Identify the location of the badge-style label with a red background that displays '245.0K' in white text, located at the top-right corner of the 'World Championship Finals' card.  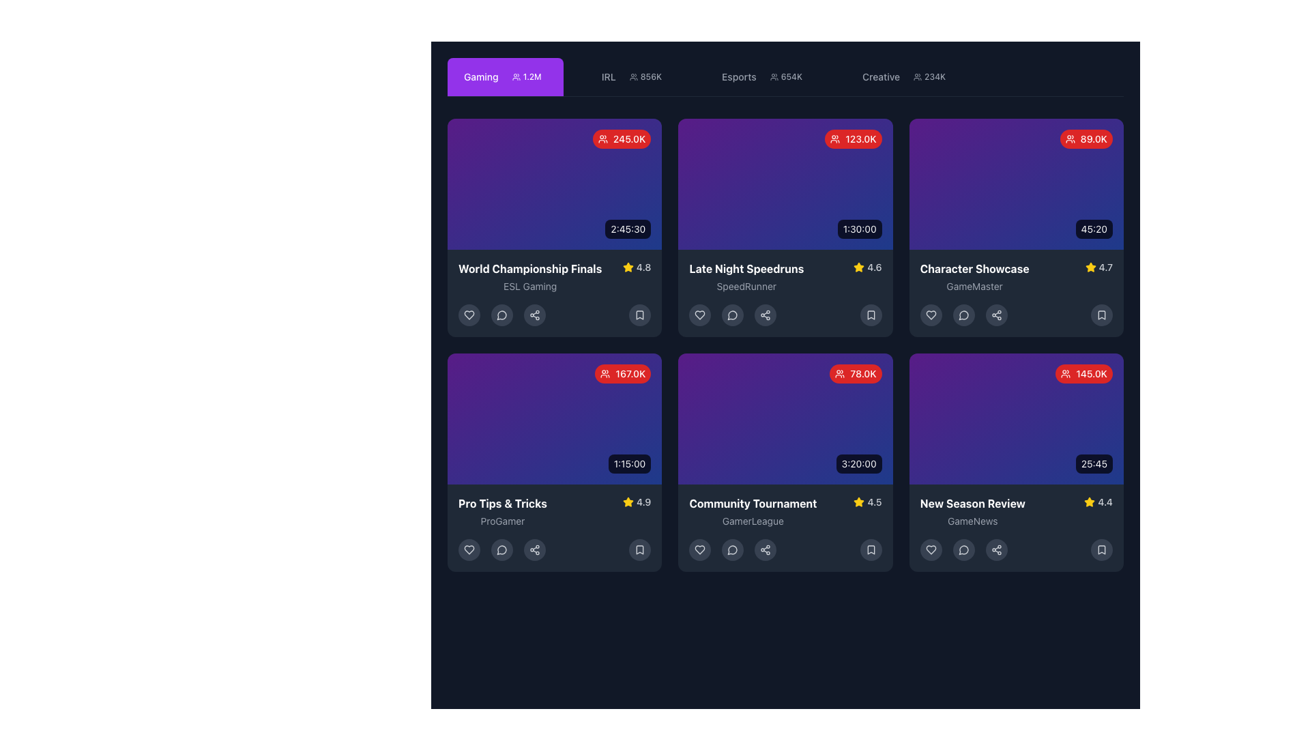
(621, 139).